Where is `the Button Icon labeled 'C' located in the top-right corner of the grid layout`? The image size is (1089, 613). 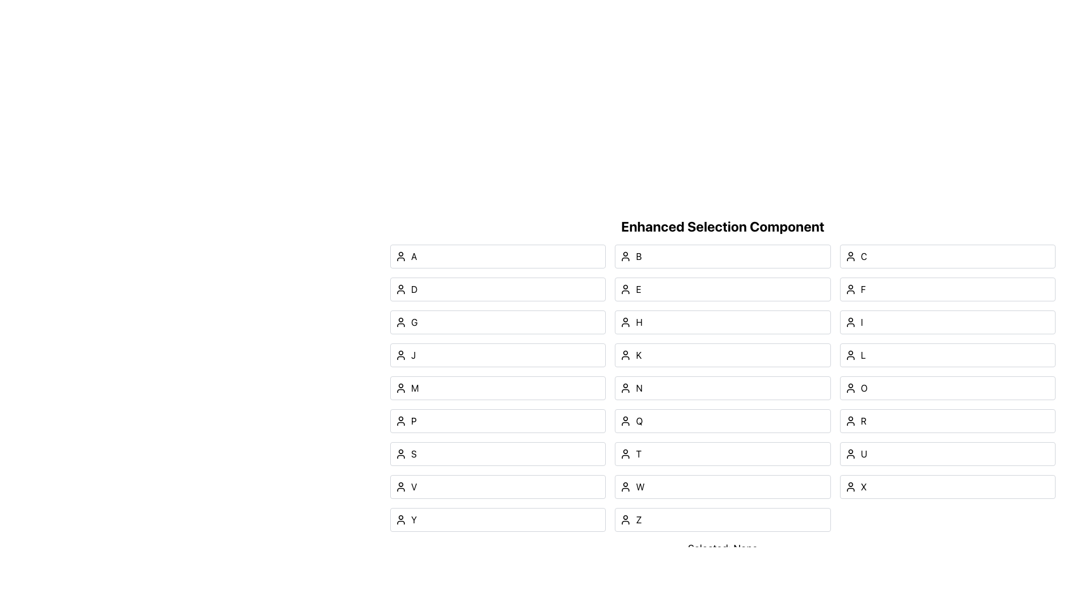
the Button Icon labeled 'C' located in the top-right corner of the grid layout is located at coordinates (850, 256).